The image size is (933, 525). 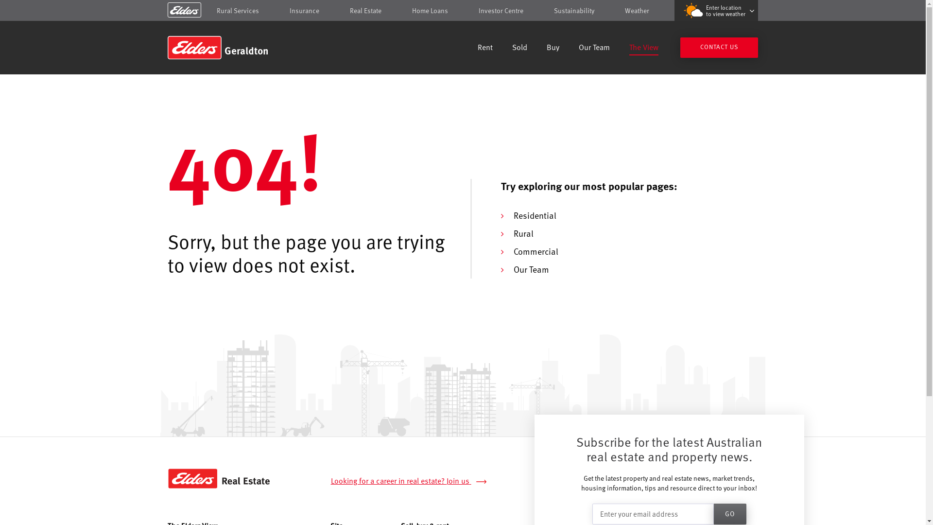 What do you see at coordinates (522, 233) in the screenshot?
I see `'Rural'` at bounding box center [522, 233].